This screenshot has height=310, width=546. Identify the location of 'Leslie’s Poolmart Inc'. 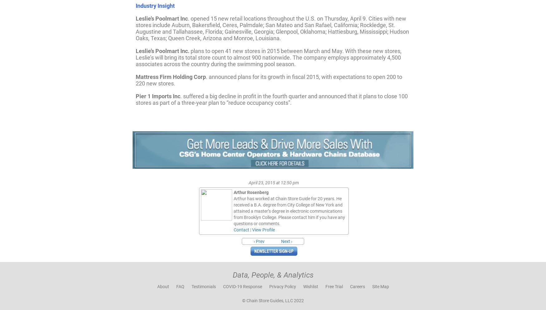
(161, 18).